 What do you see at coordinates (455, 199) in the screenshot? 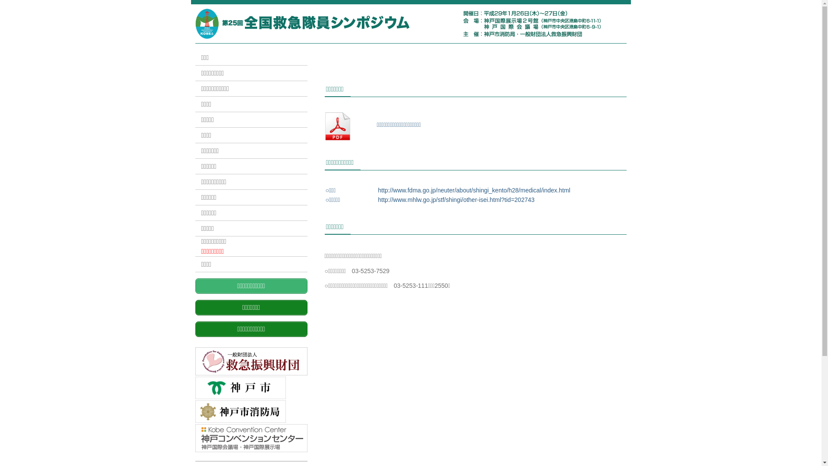
I see `'http://www.mhlw.go.jp/stf/shingi/other-isei.html?tid=202743'` at bounding box center [455, 199].